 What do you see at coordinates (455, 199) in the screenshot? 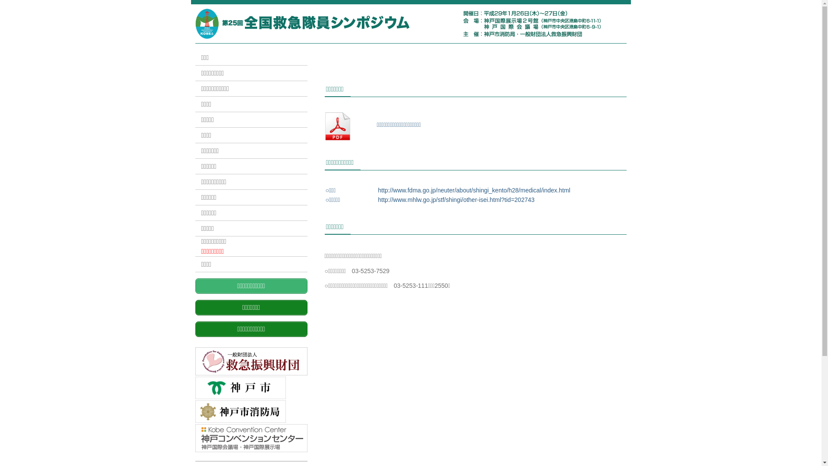
I see `'http://www.mhlw.go.jp/stf/shingi/other-isei.html?tid=202743'` at bounding box center [455, 199].